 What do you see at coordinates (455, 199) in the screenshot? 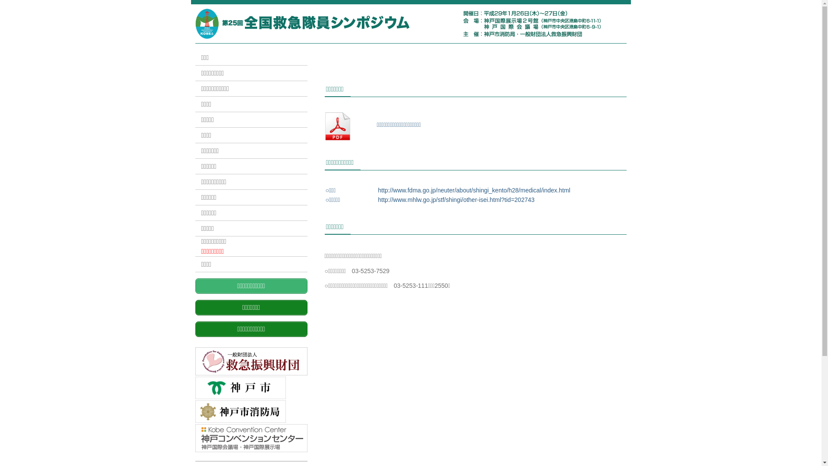
I see `'http://www.mhlw.go.jp/stf/shingi/other-isei.html?tid=202743'` at bounding box center [455, 199].